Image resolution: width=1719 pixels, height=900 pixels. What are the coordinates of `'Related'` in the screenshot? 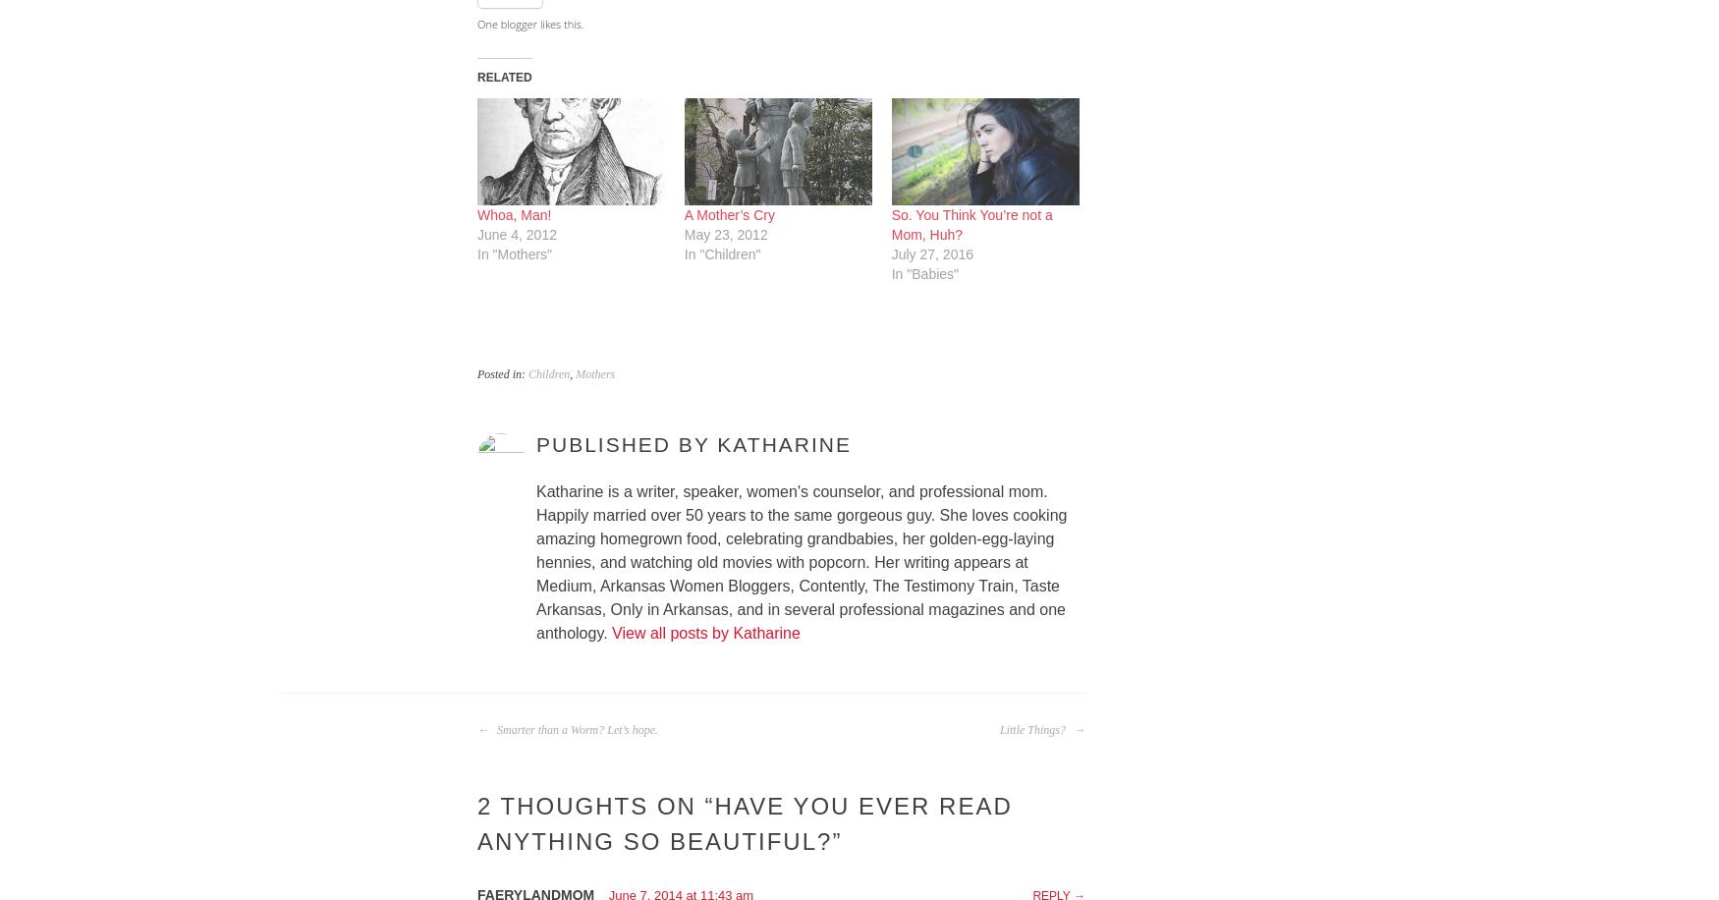 It's located at (503, 76).